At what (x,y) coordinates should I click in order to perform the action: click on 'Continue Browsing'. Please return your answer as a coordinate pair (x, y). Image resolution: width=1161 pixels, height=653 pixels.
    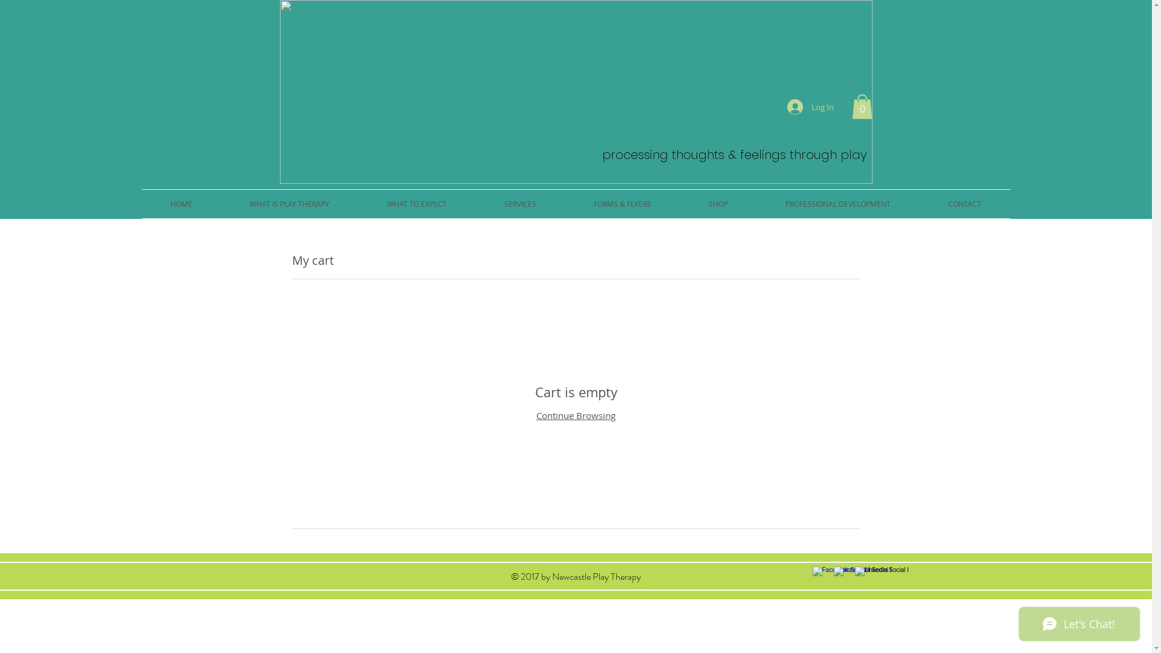
    Looking at the image, I should click on (575, 414).